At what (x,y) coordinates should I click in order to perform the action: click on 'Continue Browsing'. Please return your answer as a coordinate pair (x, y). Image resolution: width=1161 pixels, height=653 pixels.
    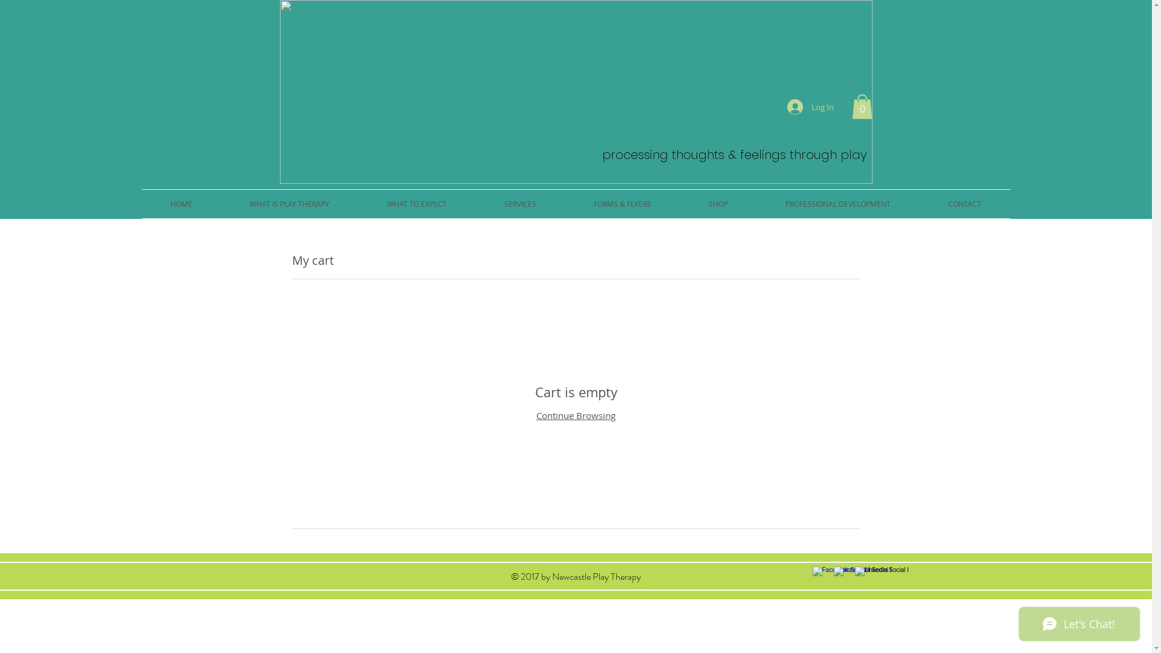
    Looking at the image, I should click on (575, 414).